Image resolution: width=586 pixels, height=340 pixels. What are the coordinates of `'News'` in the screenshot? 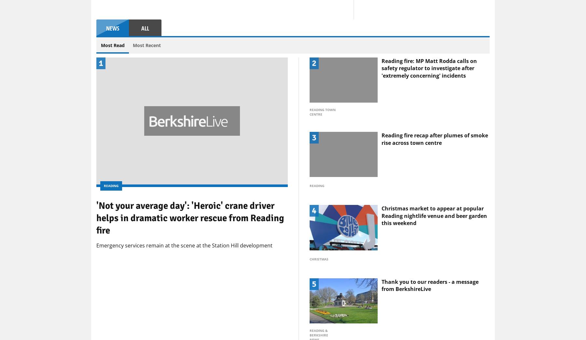 It's located at (112, 80).